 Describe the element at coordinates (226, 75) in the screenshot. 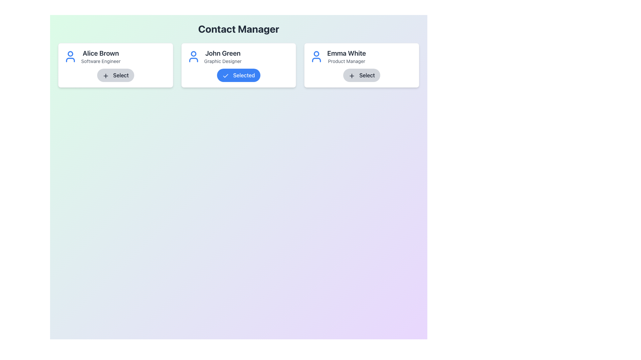

I see `the checkmark icon with a thin white outline on a blue background, which is part of the 'Selected' button associated with 'John Green,' a Graphic Designer` at that location.